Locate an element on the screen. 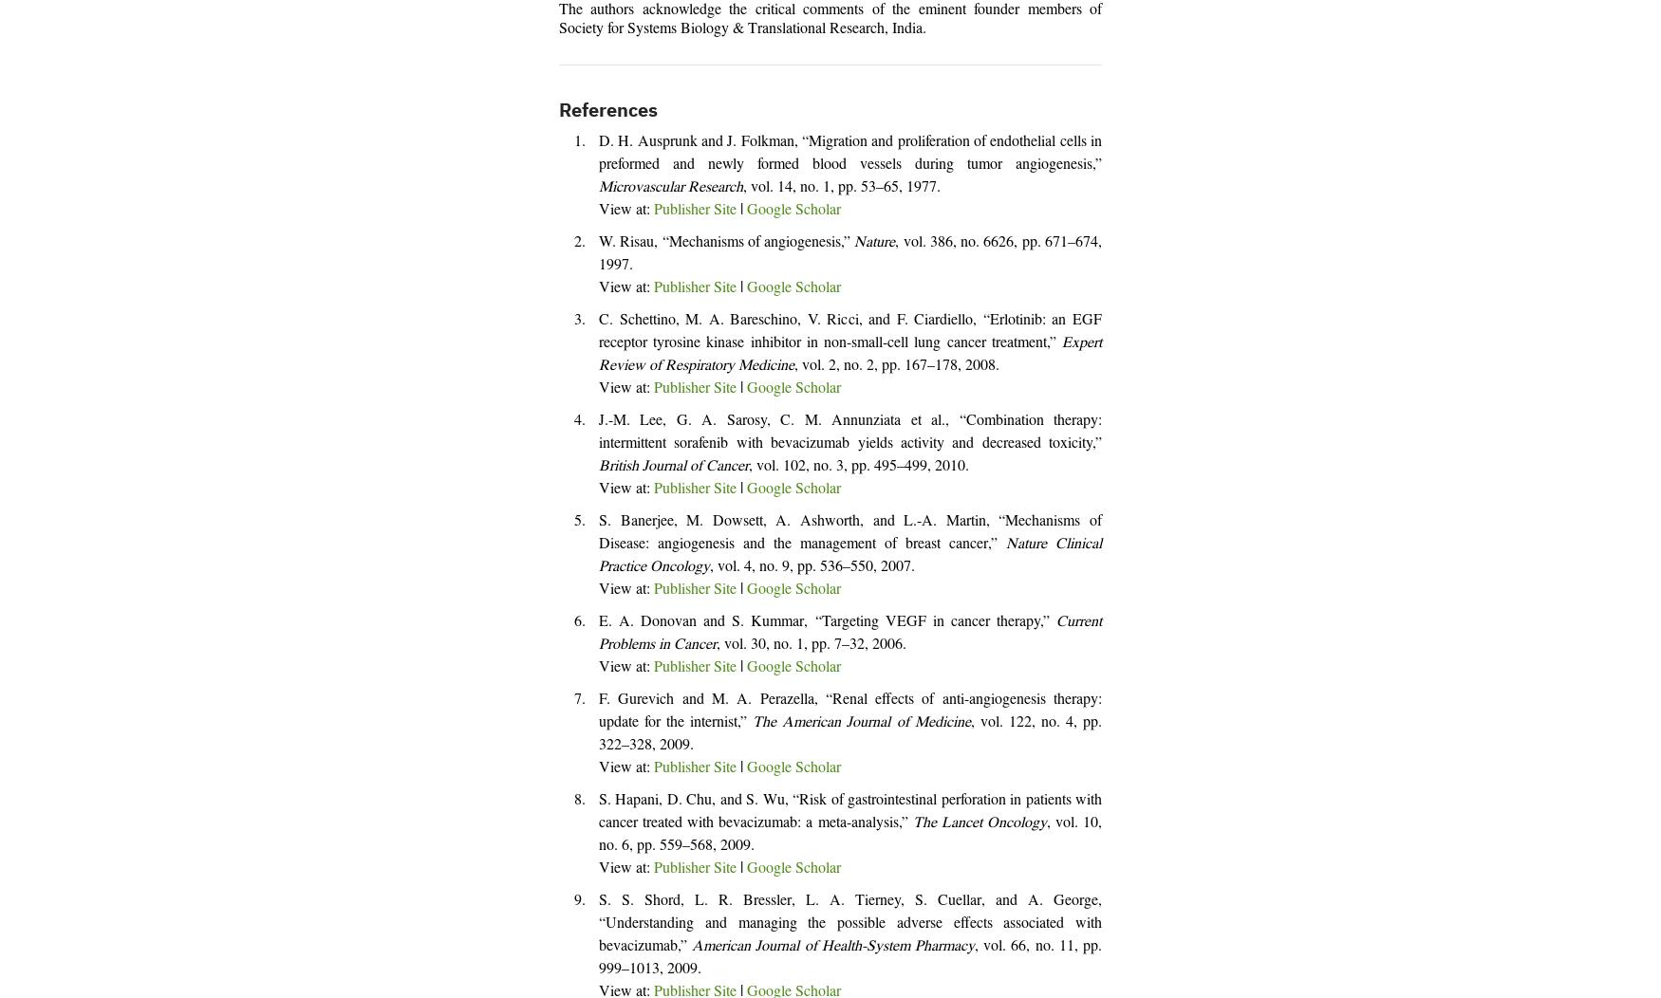 Image resolution: width=1661 pixels, height=998 pixels. 'S. S. Shord, L. R. Bressler, L. A. Tierney, S. Cuellar, and A. George, “Understanding and managing the possible adverse effects associated with bevacizumab,”' is located at coordinates (849, 924).